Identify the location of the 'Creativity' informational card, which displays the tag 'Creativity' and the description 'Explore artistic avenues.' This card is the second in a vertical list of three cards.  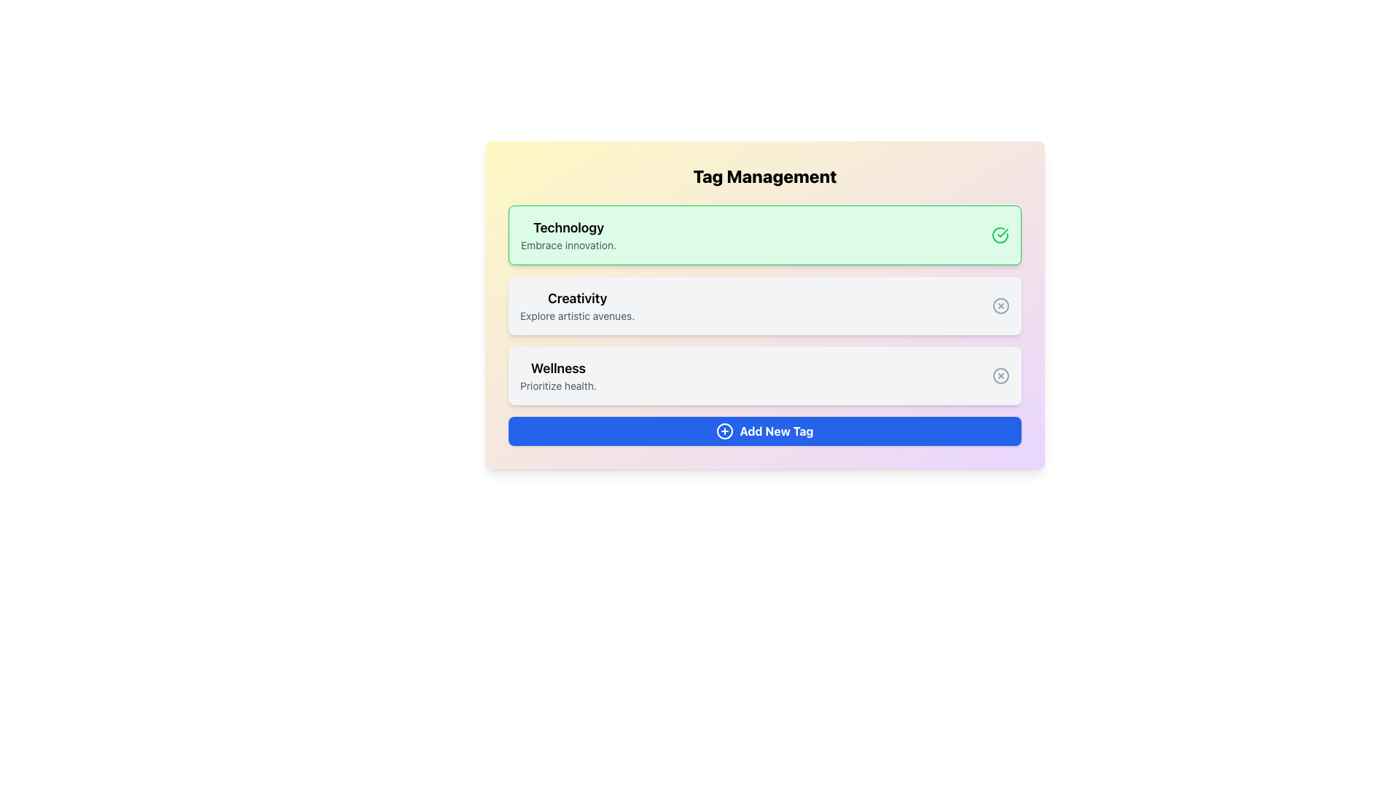
(764, 305).